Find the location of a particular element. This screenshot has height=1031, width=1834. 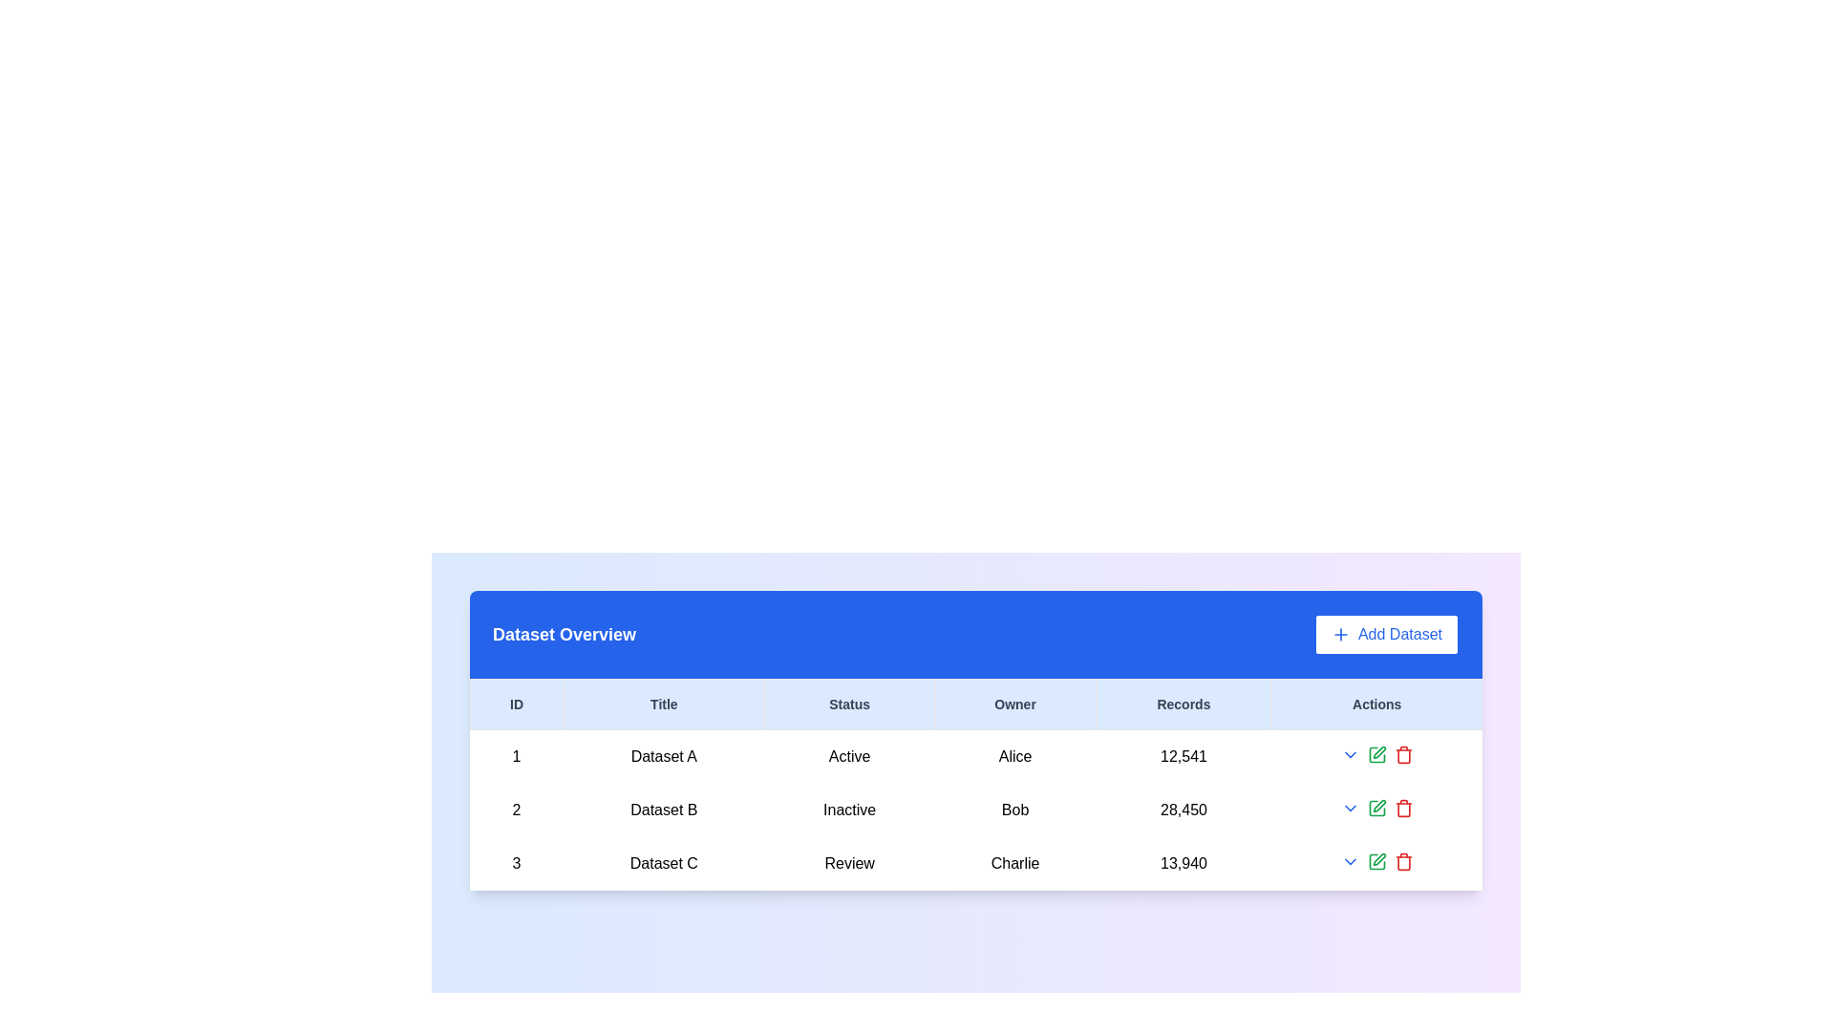

the body of the trash bin icon, which is a minimalist design with a rectangular body and curved top, located in the 'Actions' column of the third row of the table is located at coordinates (1403, 863).